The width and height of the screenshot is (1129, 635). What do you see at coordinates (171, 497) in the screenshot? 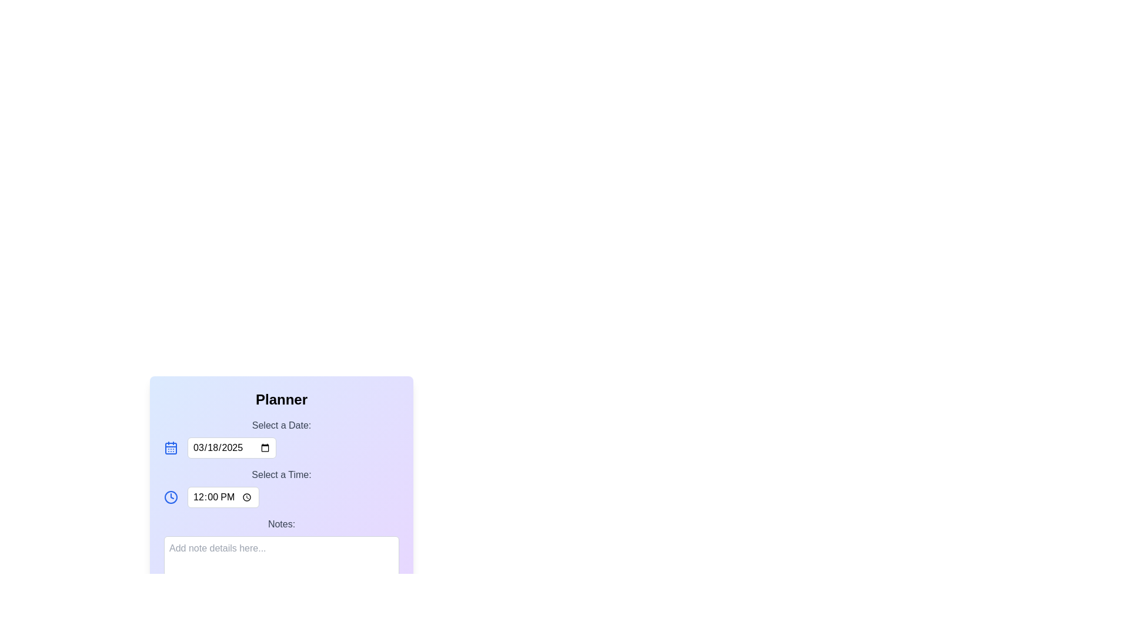
I see `the circular graphic that represents the clock's border, which serves as a frame for the time selection icon located near the 'Select a Time' label` at bounding box center [171, 497].